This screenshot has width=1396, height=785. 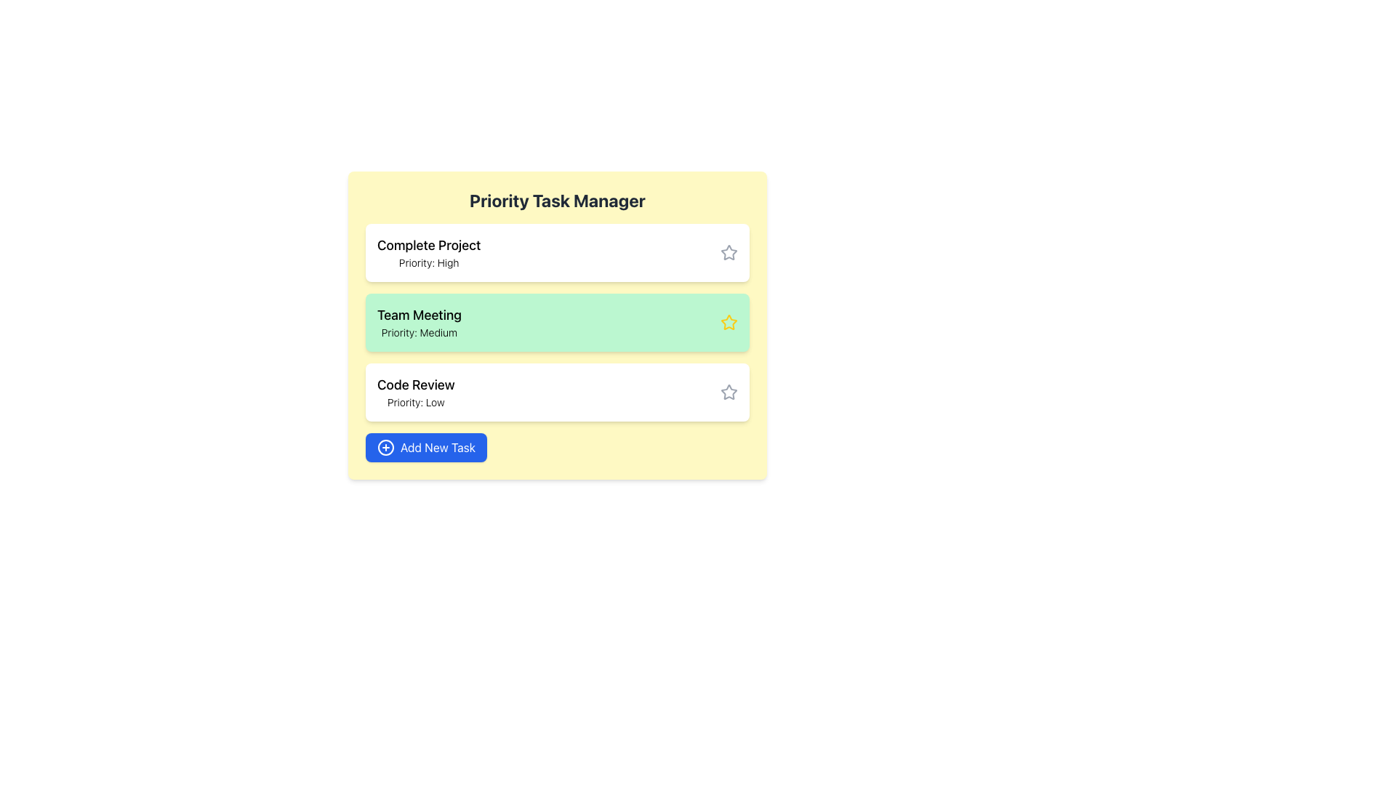 What do you see at coordinates (428, 263) in the screenshot?
I see `the priority level label located below the title text 'Complete Project' in the first task box of the list` at bounding box center [428, 263].